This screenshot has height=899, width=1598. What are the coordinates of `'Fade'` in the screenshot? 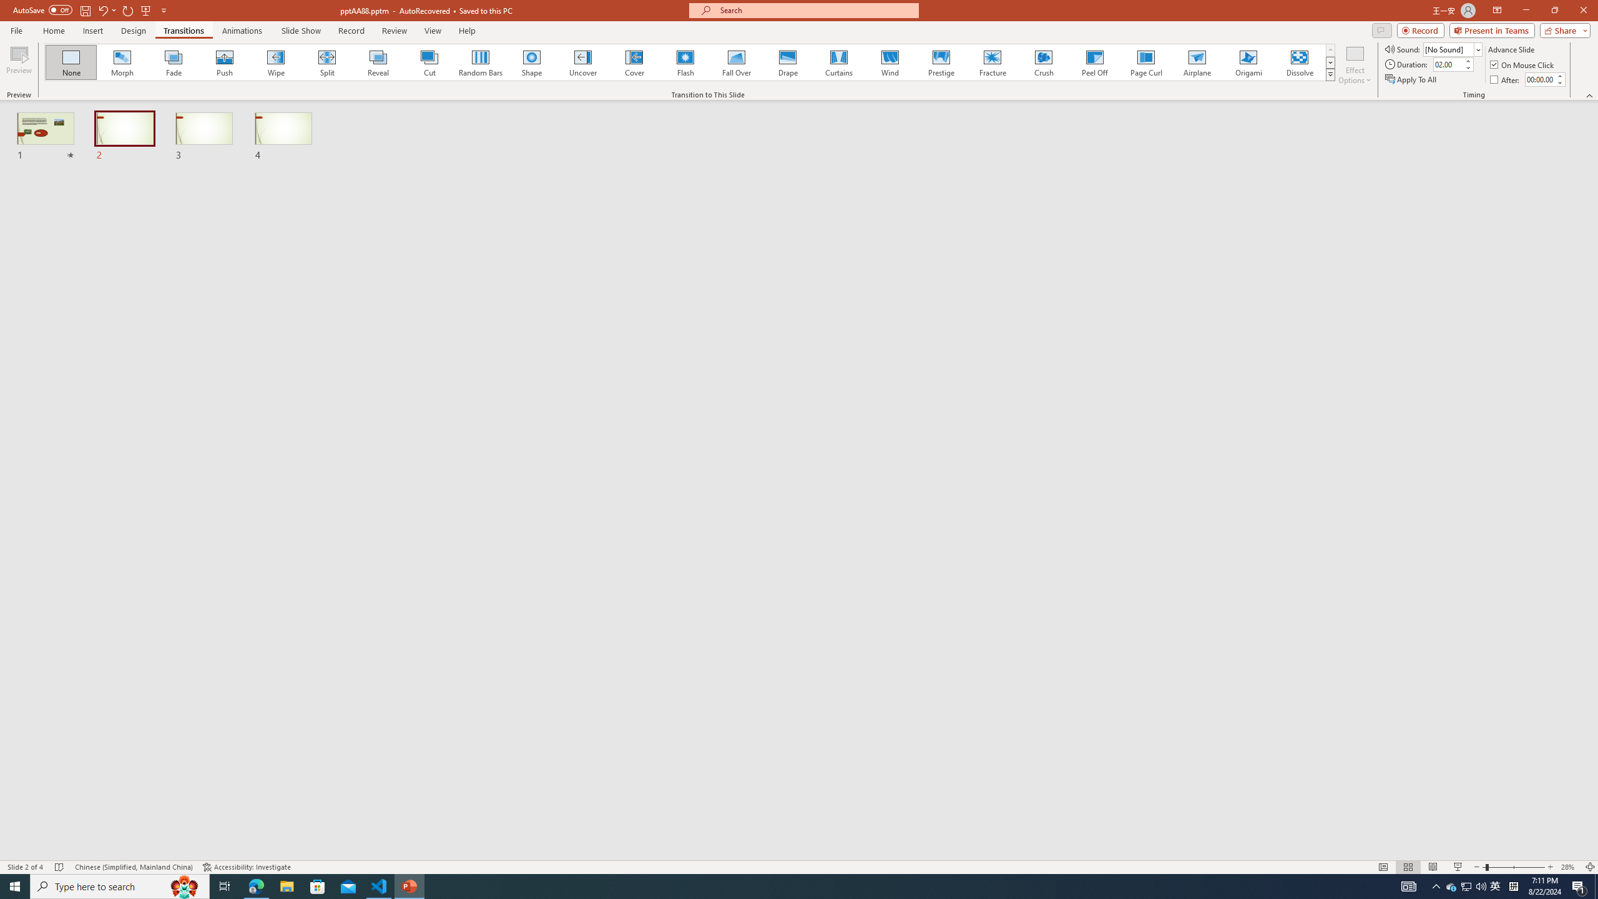 It's located at (174, 62).